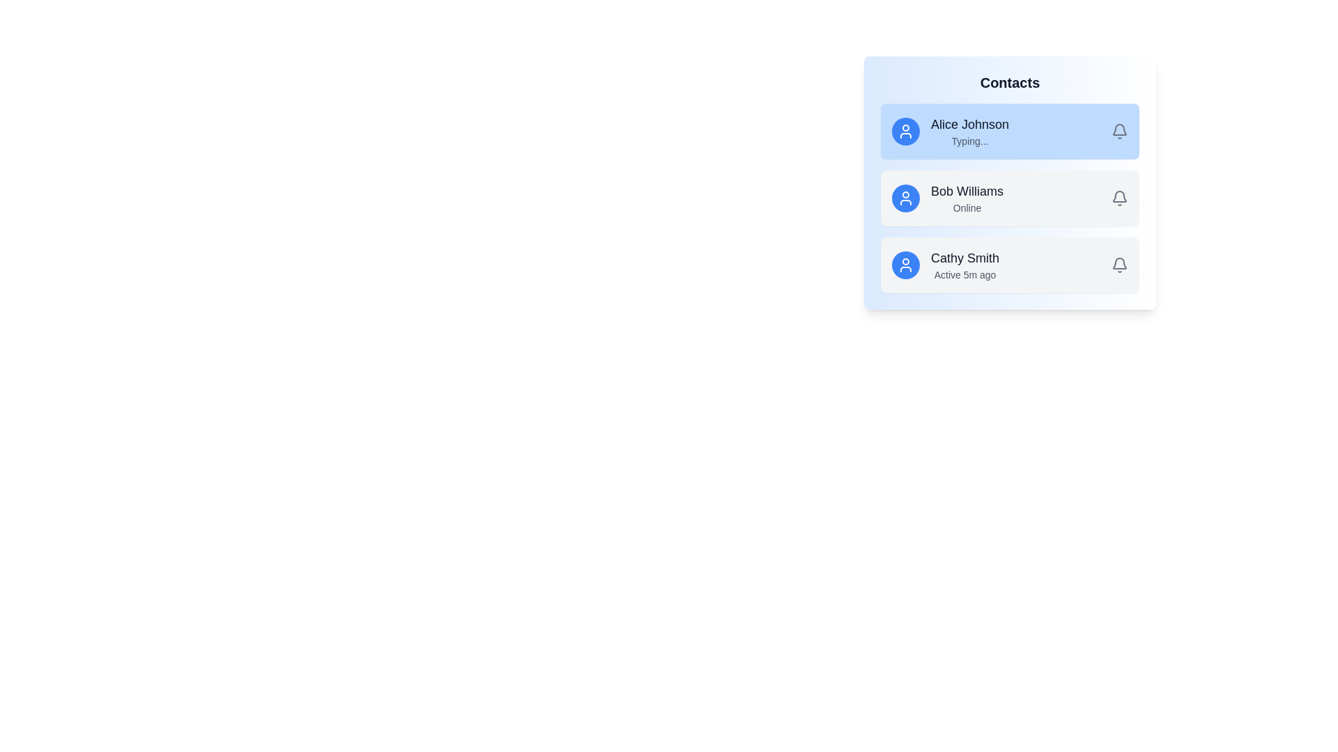 The width and height of the screenshot is (1338, 752). What do you see at coordinates (966, 208) in the screenshot?
I see `the text label displaying 'Online' located below the name 'Bob Williams' in the contact entry` at bounding box center [966, 208].